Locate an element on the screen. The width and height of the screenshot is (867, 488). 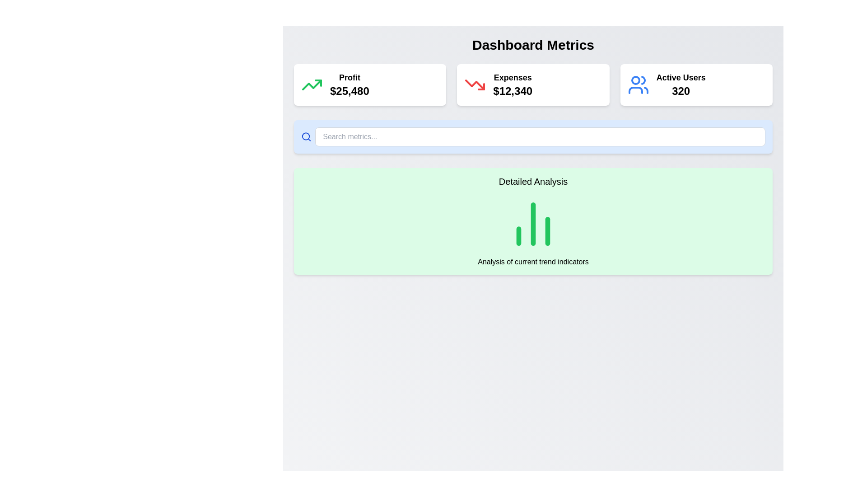
the upward growth icon located to the left of the 'Profit' header in the rectangular card displaying '$25,480' is located at coordinates (312, 85).